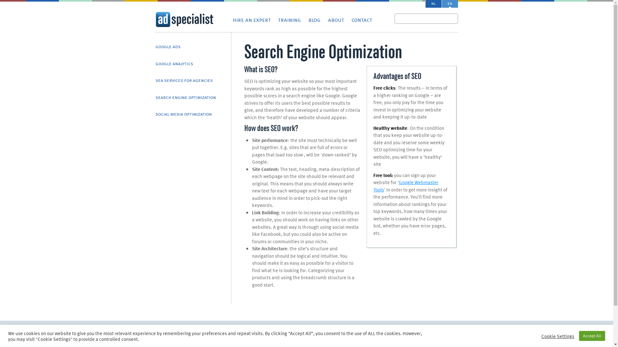  What do you see at coordinates (278, 20) in the screenshot?
I see `'training'` at bounding box center [278, 20].